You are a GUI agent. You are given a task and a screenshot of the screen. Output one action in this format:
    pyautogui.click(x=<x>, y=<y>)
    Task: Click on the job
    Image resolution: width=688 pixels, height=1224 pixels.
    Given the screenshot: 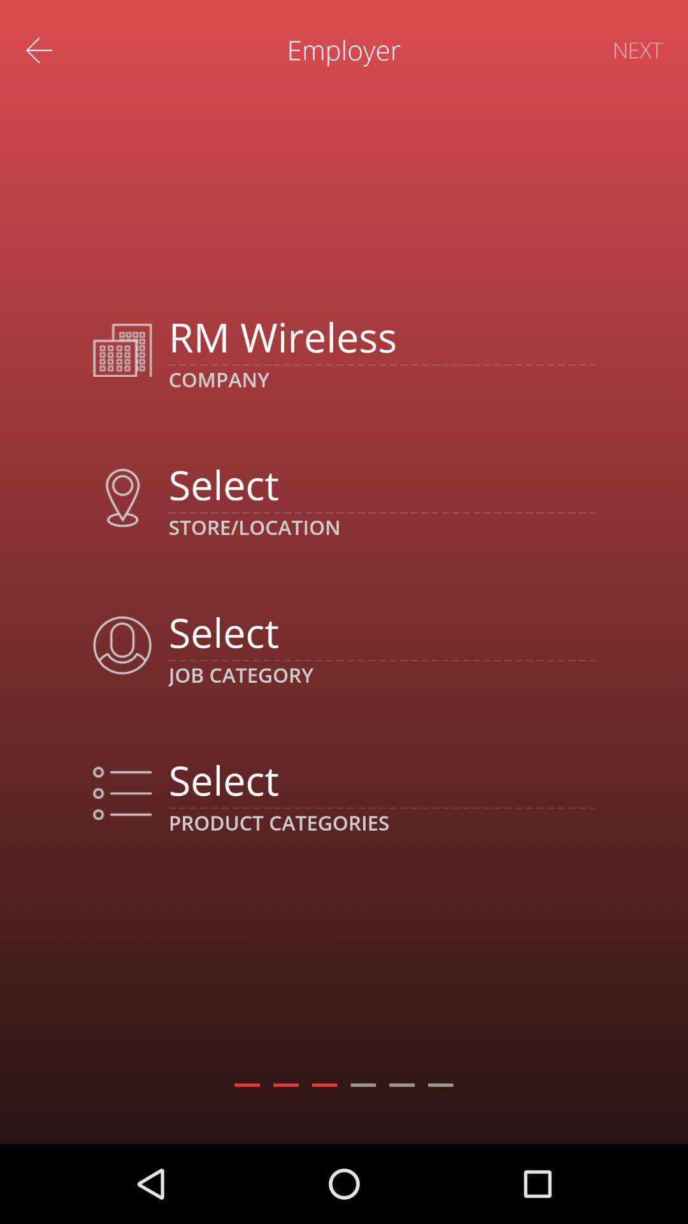 What is the action you would take?
    pyautogui.click(x=381, y=632)
    